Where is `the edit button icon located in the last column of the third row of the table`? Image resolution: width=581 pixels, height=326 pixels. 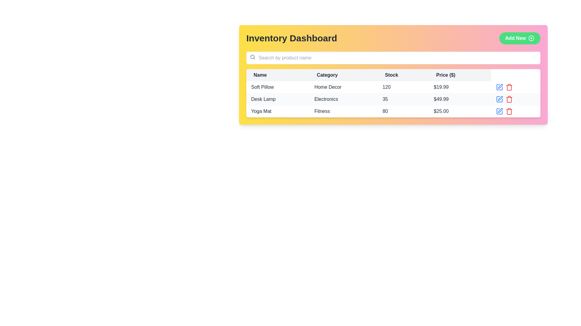 the edit button icon located in the last column of the third row of the table is located at coordinates (501, 110).